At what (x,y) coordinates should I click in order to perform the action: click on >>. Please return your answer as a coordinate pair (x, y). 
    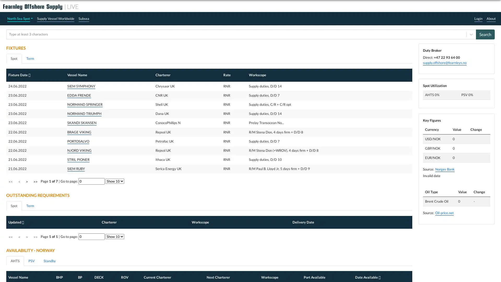
    Looking at the image, I should click on (35, 264).